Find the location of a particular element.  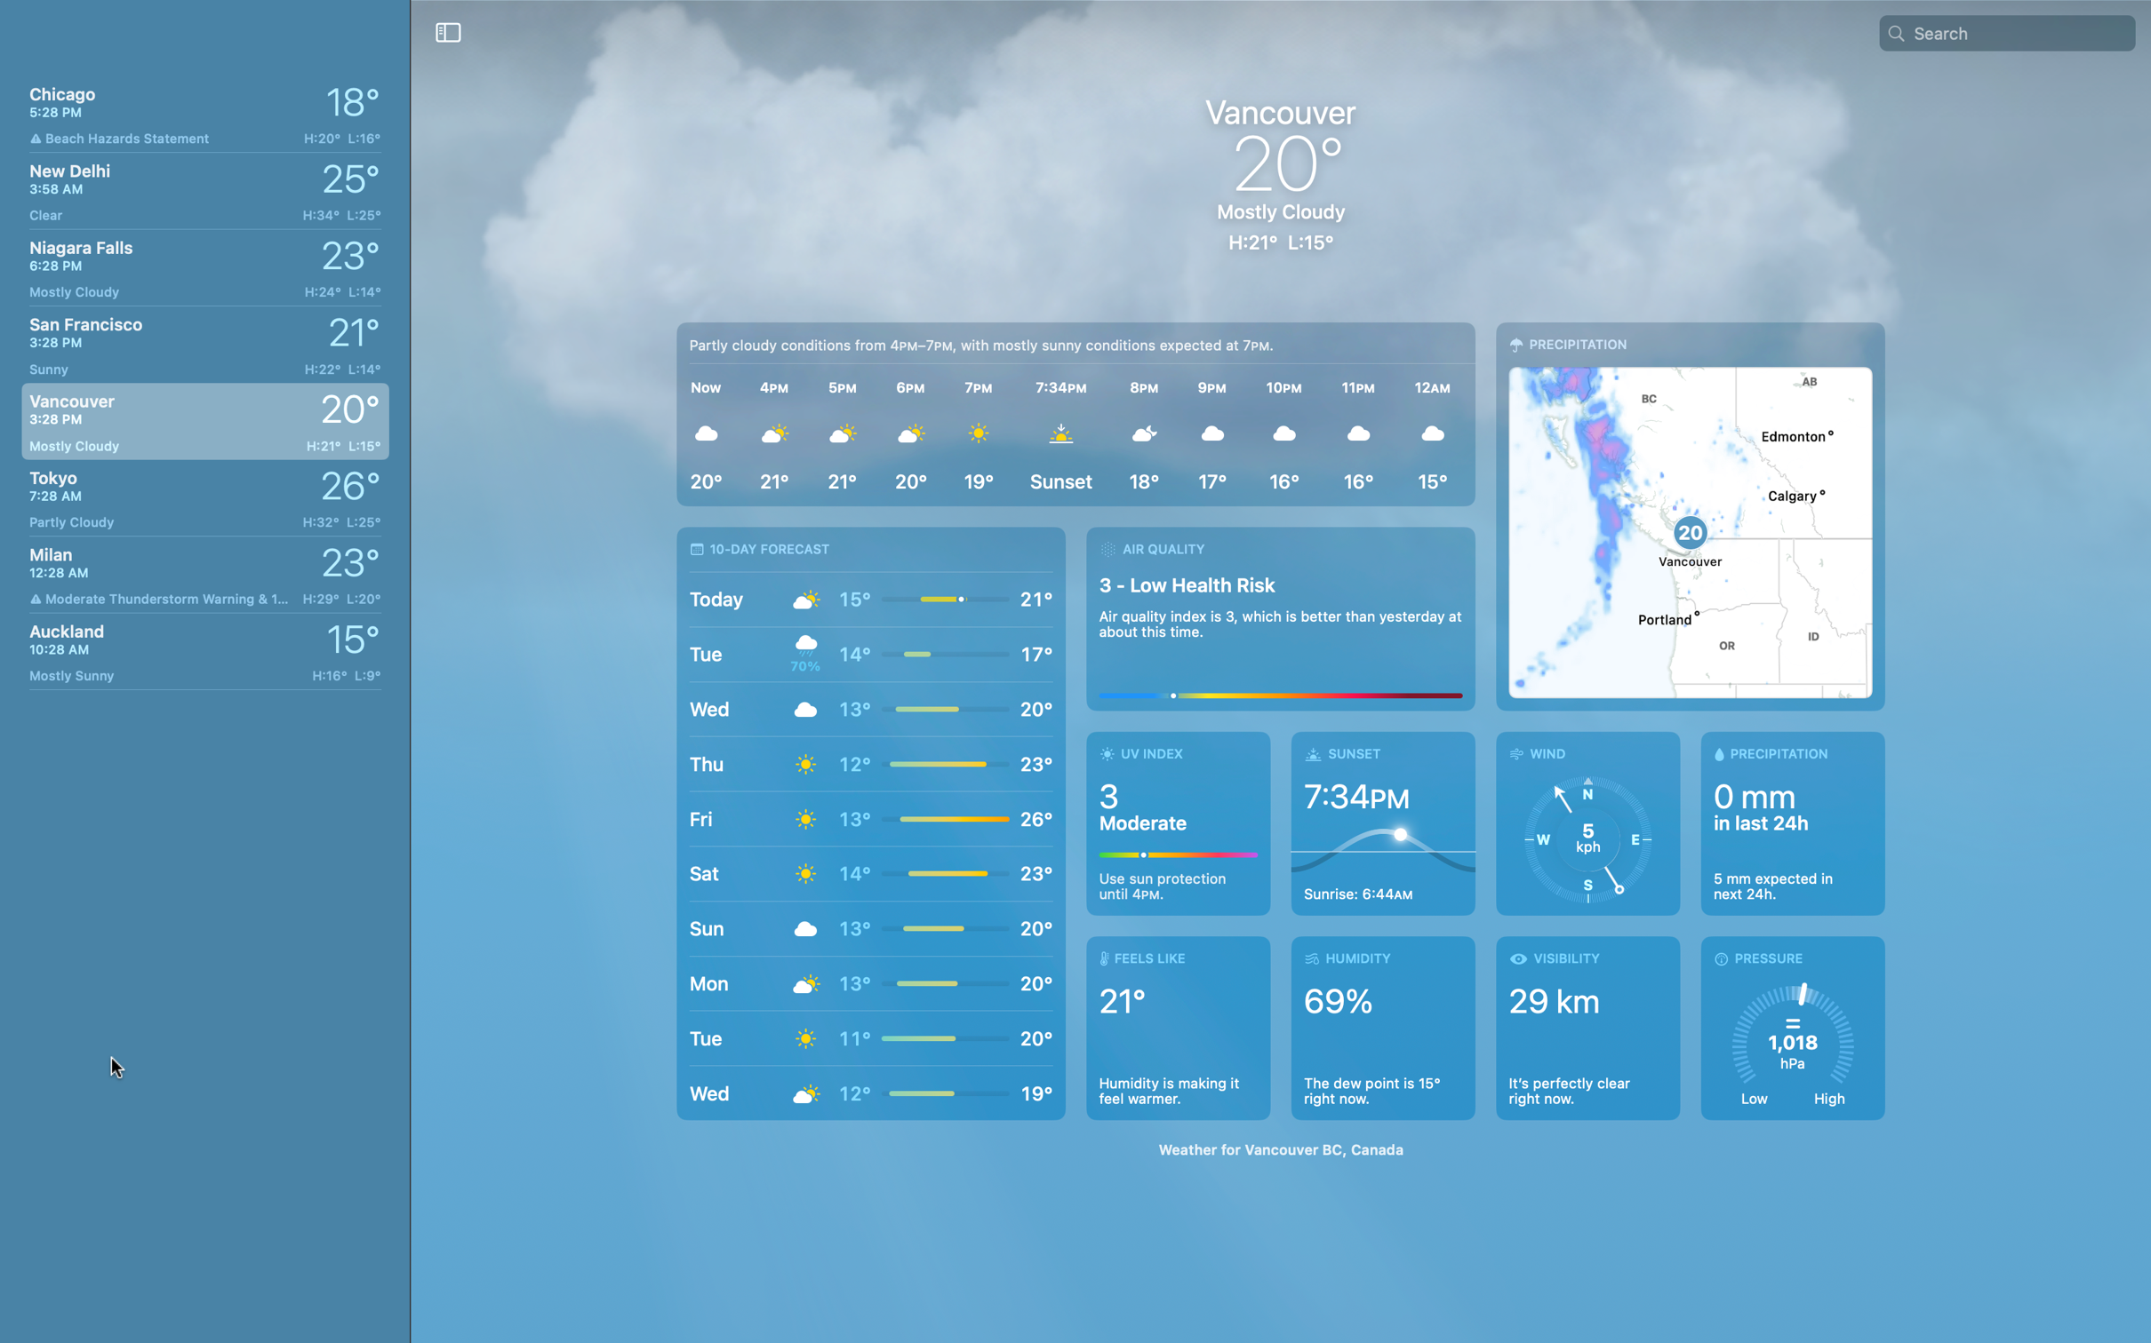

Explore about the UV index in Vancouver today is located at coordinates (1179, 822).